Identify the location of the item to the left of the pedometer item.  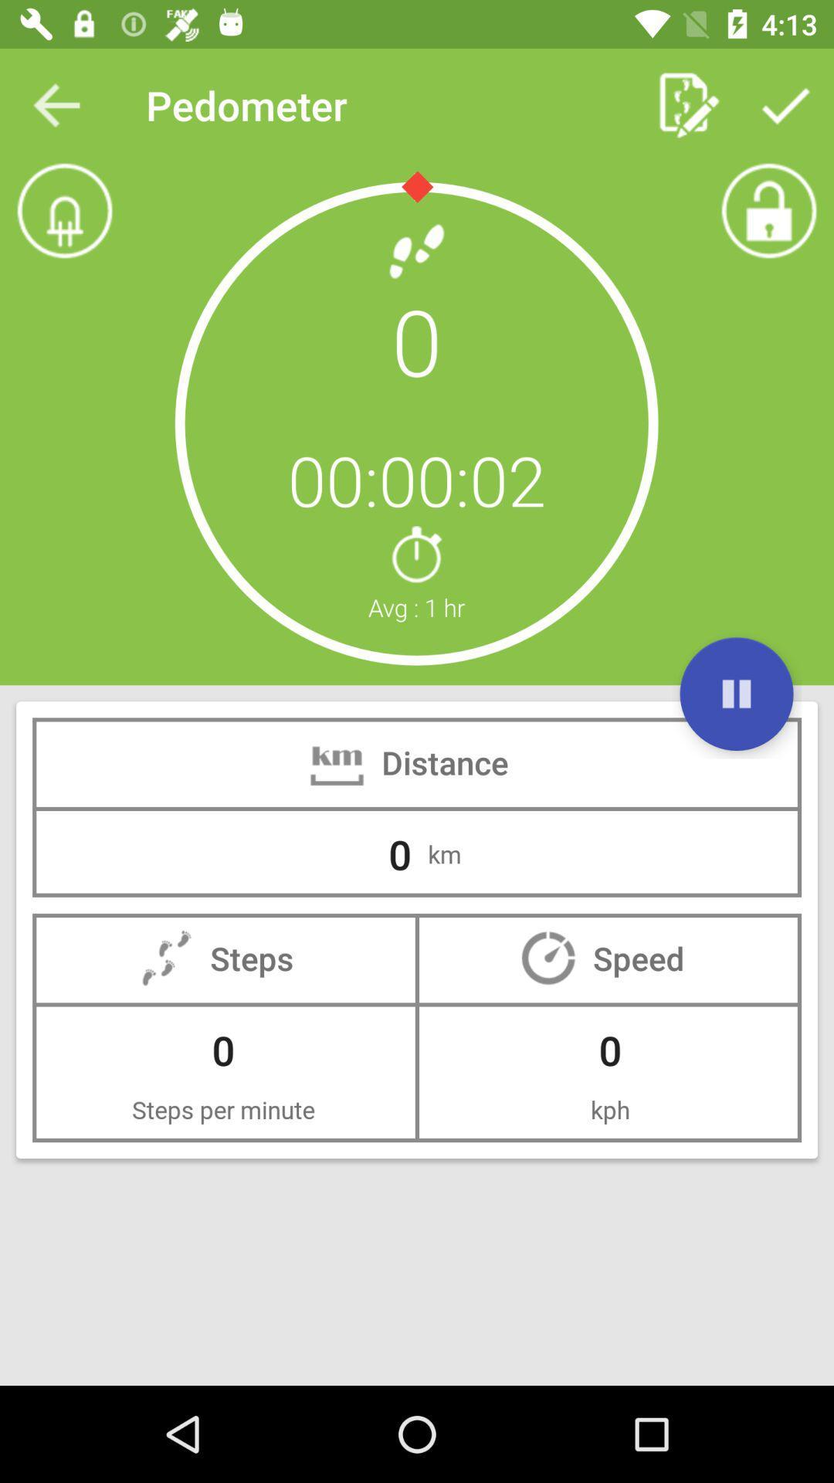
(56, 104).